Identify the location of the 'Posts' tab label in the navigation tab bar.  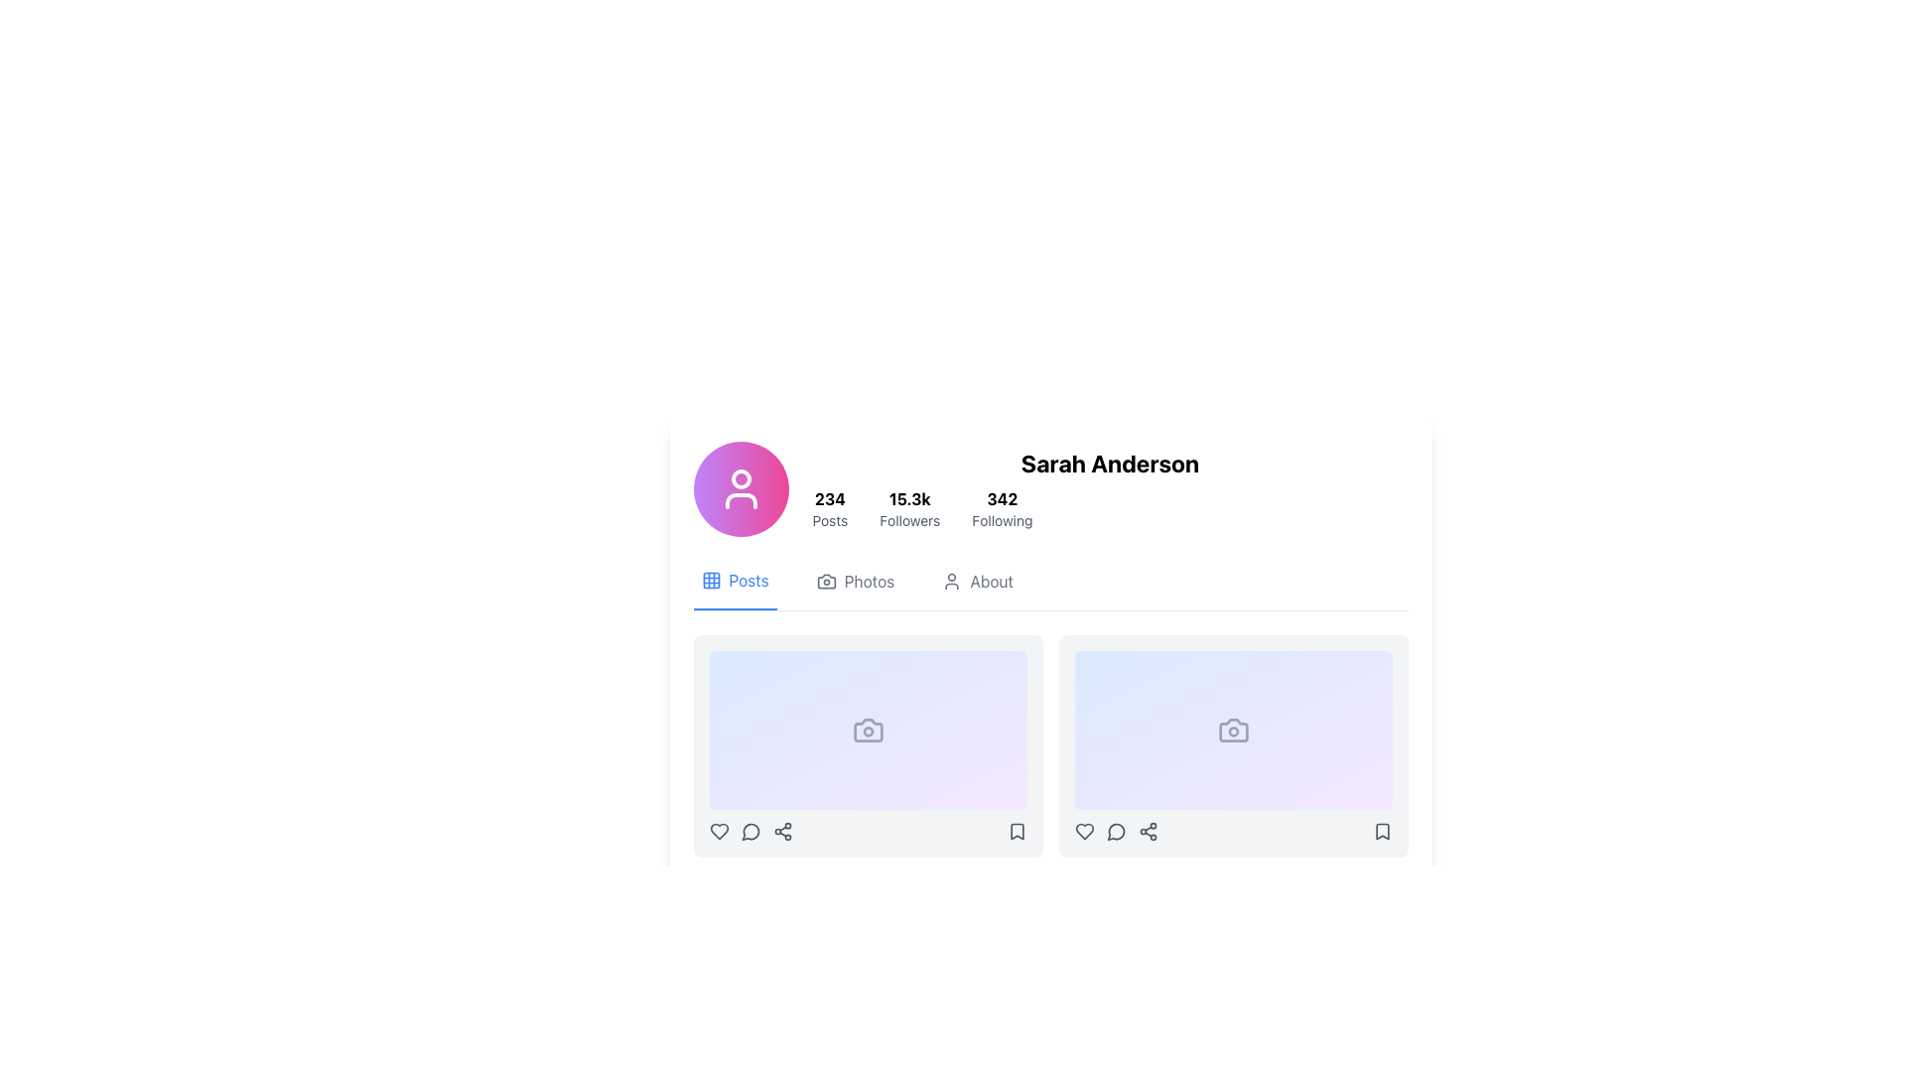
(748, 581).